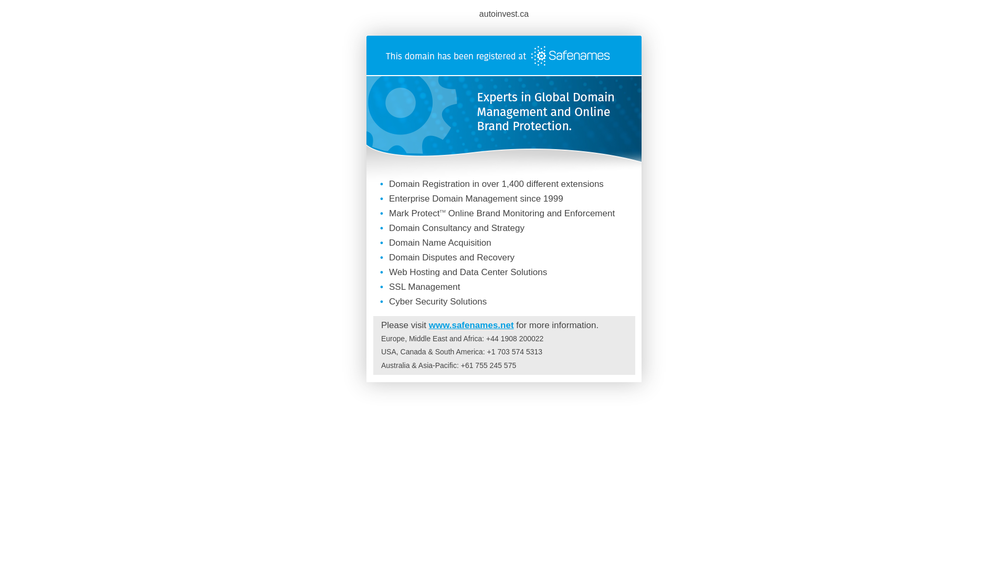 The height and width of the screenshot is (567, 1008). I want to click on 'www.safenames.net', so click(470, 324).